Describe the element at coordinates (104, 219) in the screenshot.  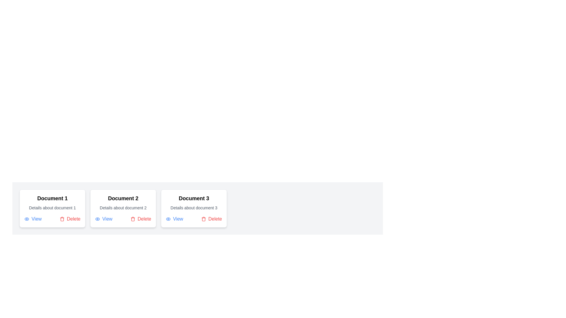
I see `the button-like interactive text associated with 'Document 2' to potentially see a tooltip` at that location.